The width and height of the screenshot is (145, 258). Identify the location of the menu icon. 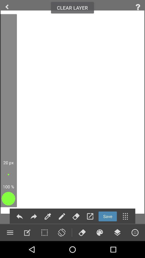
(10, 232).